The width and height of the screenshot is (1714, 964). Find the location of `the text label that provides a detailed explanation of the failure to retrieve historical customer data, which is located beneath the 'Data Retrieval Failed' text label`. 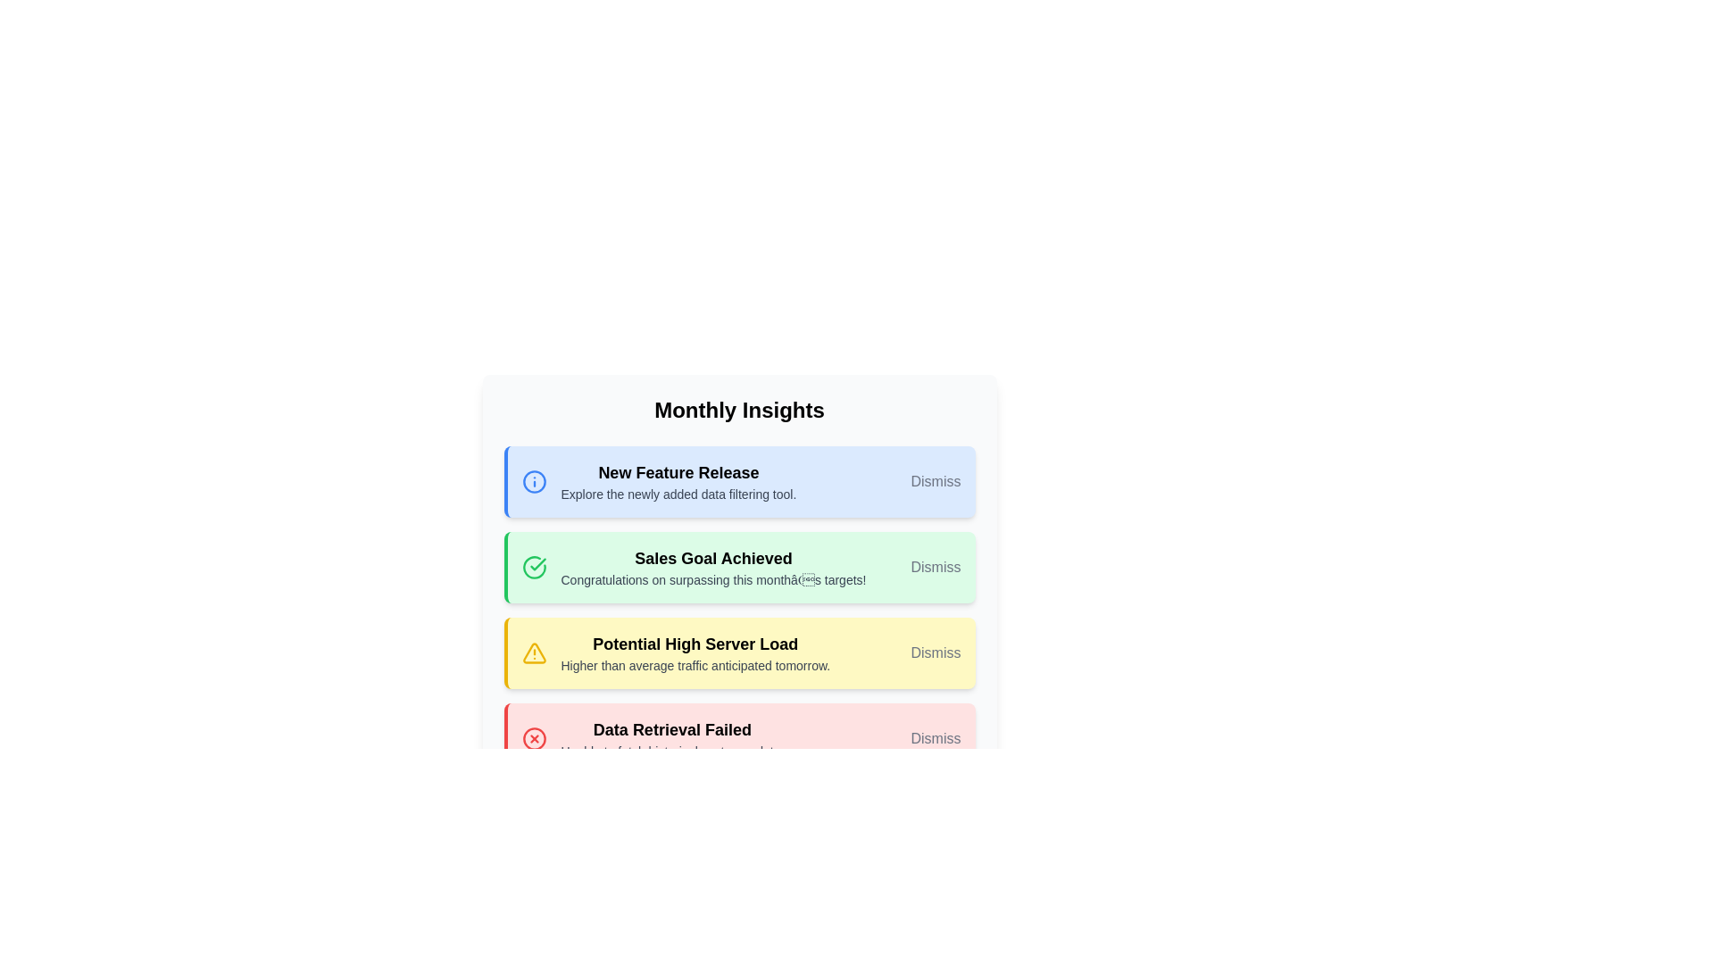

the text label that provides a detailed explanation of the failure to retrieve historical customer data, which is located beneath the 'Data Retrieval Failed' text label is located at coordinates (671, 751).